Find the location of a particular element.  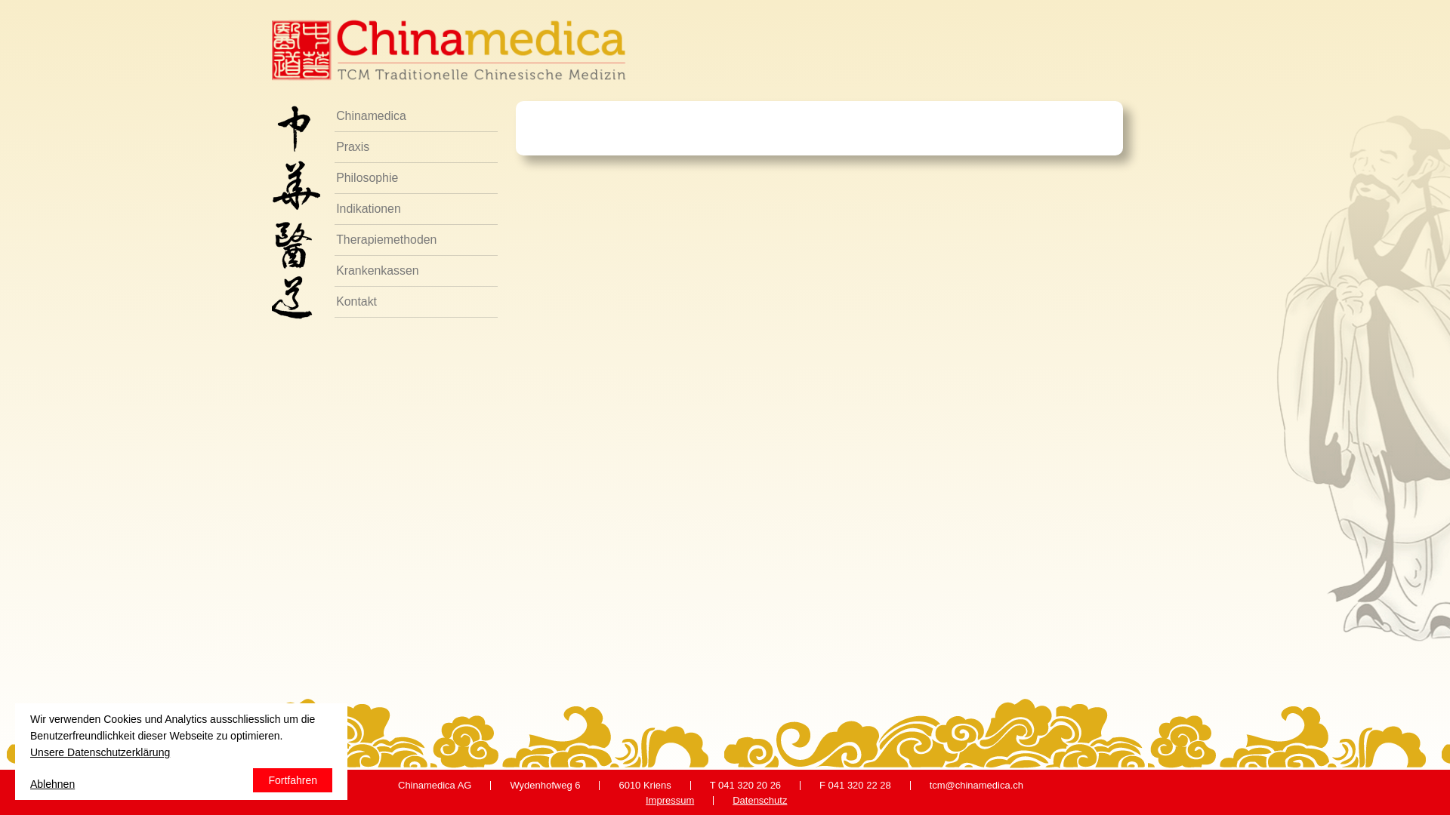

'Therapiemethoden' is located at coordinates (416, 239).